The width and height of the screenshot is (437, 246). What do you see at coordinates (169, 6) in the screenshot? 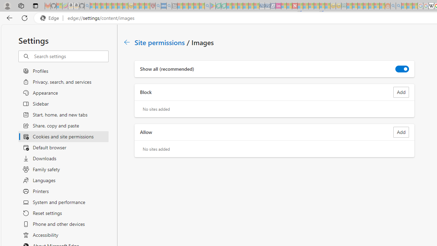
I see `'utah sues federal government - Search - Sleeping'` at bounding box center [169, 6].